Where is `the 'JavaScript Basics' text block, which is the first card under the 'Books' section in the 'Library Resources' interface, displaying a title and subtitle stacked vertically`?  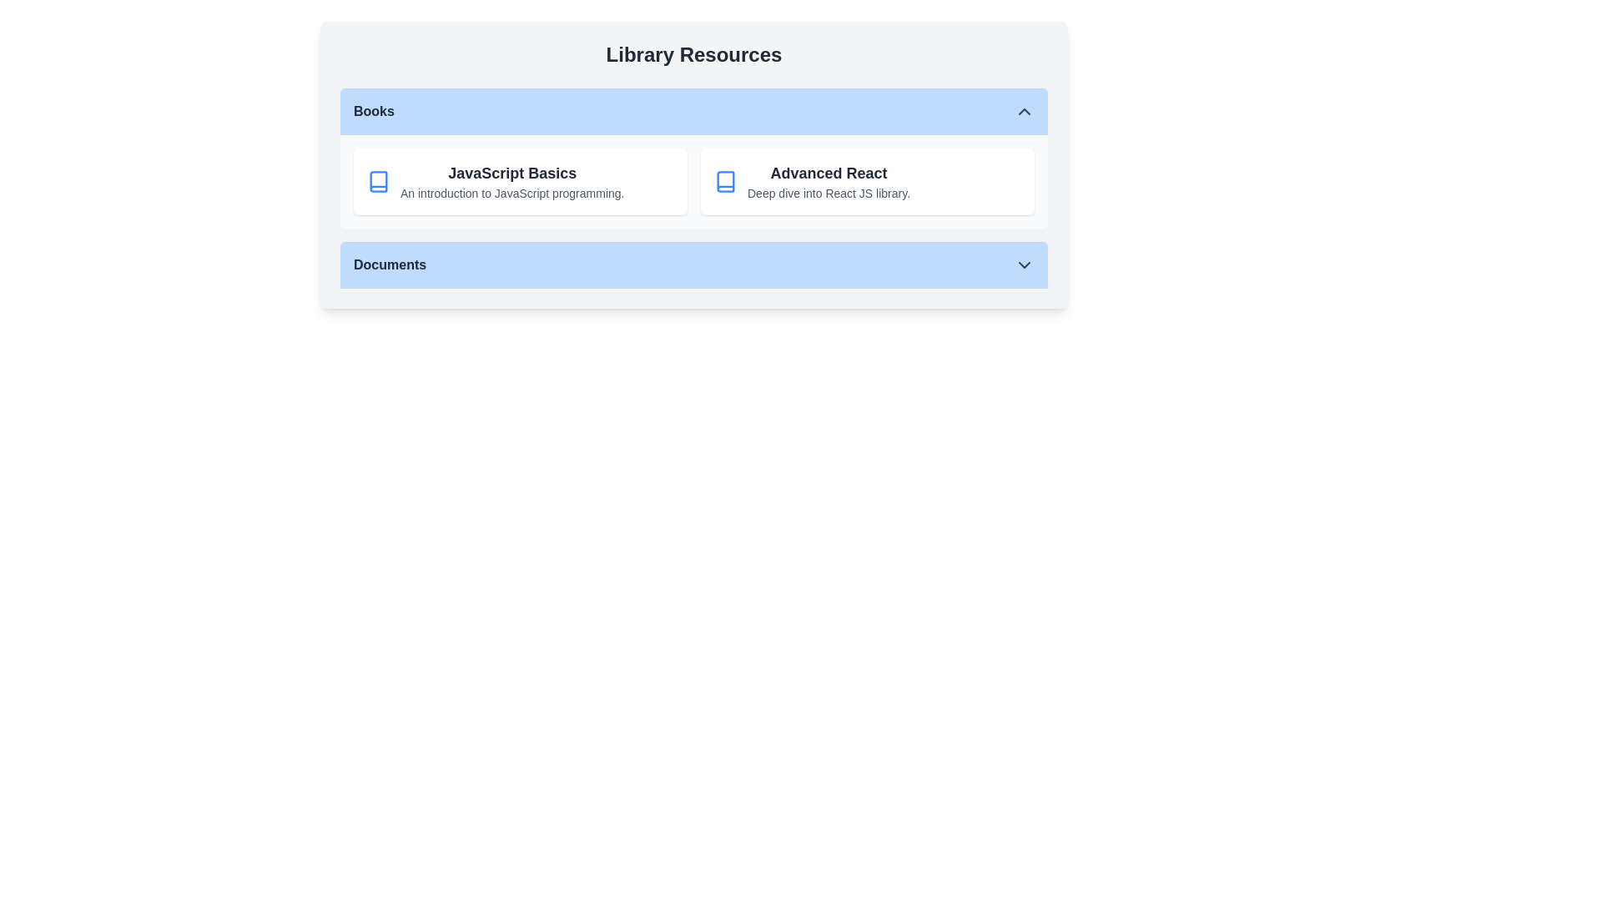
the 'JavaScript Basics' text block, which is the first card under the 'Books' section in the 'Library Resources' interface, displaying a title and subtitle stacked vertically is located at coordinates (511, 182).